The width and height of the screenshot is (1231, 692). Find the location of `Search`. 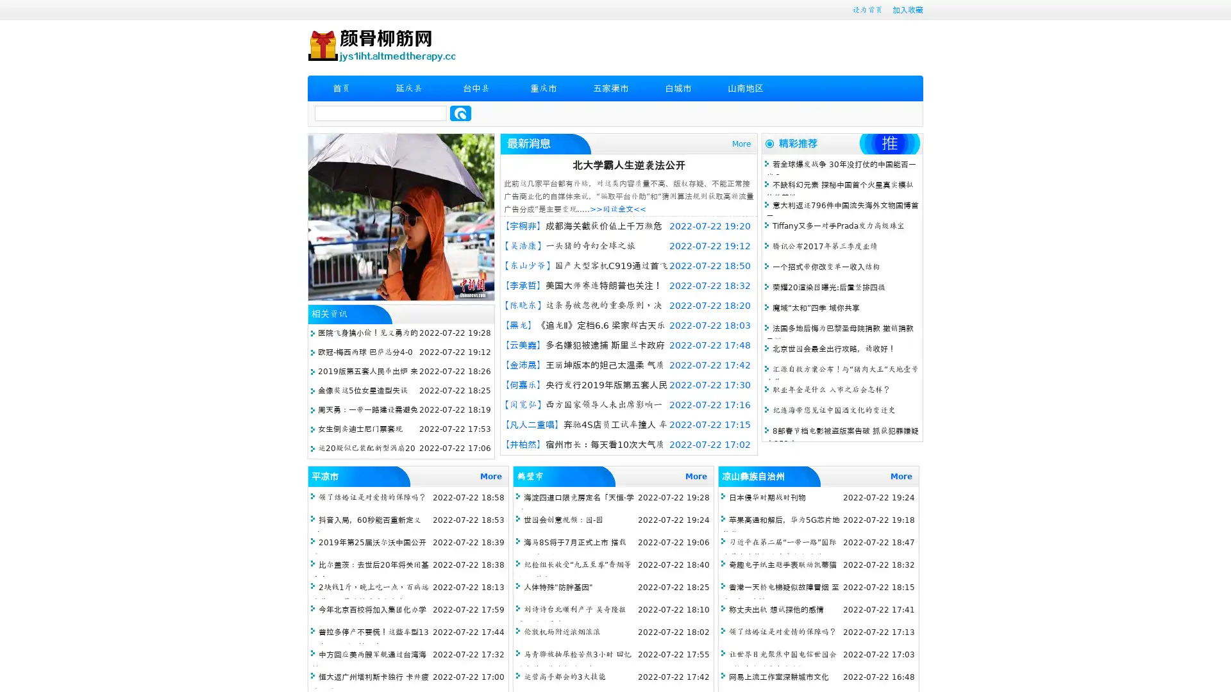

Search is located at coordinates (460, 113).